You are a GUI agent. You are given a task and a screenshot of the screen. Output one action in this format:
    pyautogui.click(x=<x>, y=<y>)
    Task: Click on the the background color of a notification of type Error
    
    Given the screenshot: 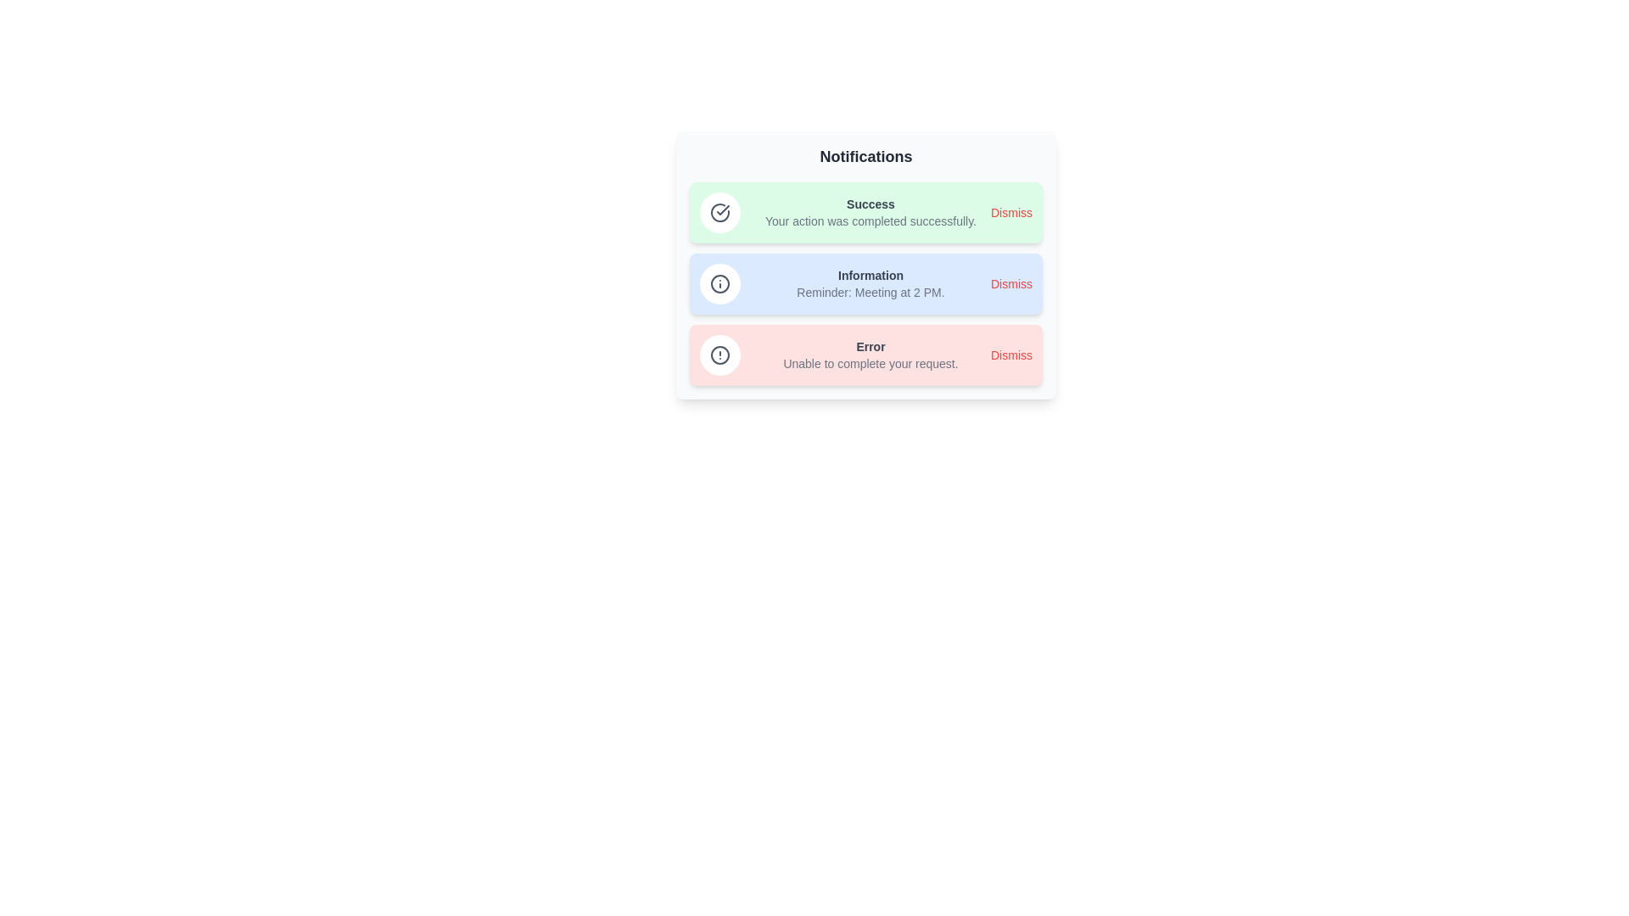 What is the action you would take?
    pyautogui.click(x=866, y=355)
    